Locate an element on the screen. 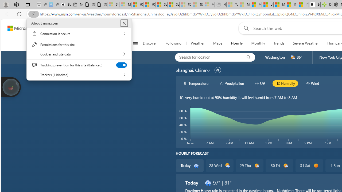 The image size is (342, 192). 'Buy iPad - Apple' is located at coordinates (65, 5).